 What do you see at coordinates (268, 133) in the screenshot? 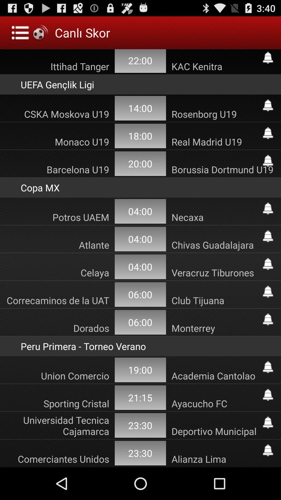
I see `set alarm` at bounding box center [268, 133].